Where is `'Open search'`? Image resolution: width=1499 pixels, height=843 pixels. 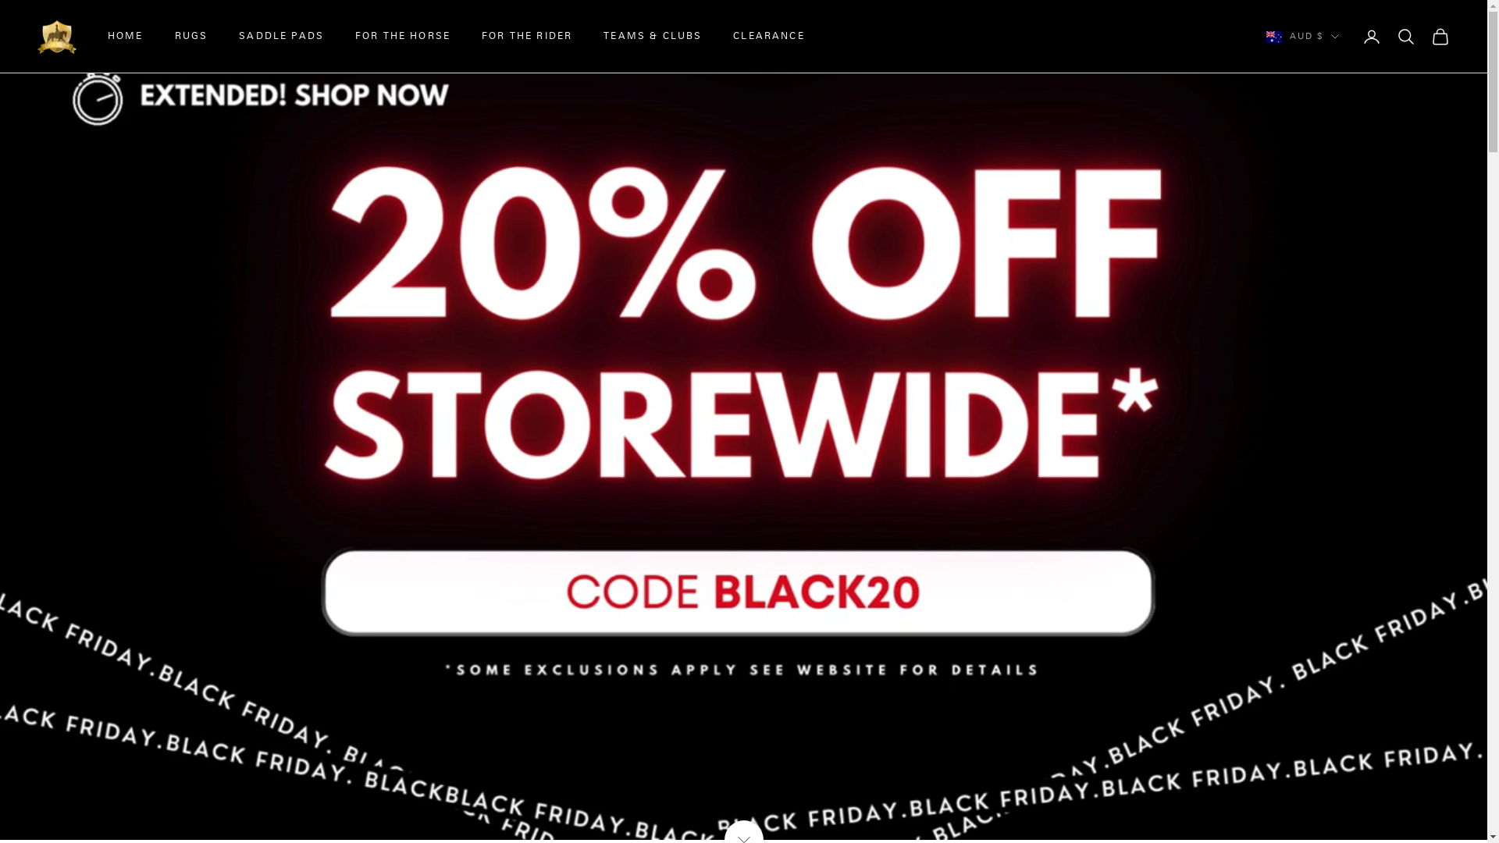
'Open search' is located at coordinates (1405, 35).